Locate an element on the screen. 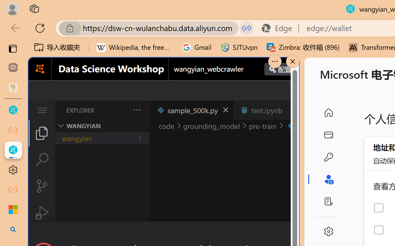  'Close Dialog' is located at coordinates (296, 232).